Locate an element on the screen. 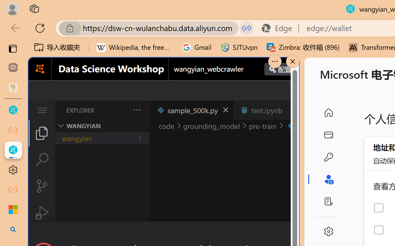  'Close Dialog' is located at coordinates (296, 232).